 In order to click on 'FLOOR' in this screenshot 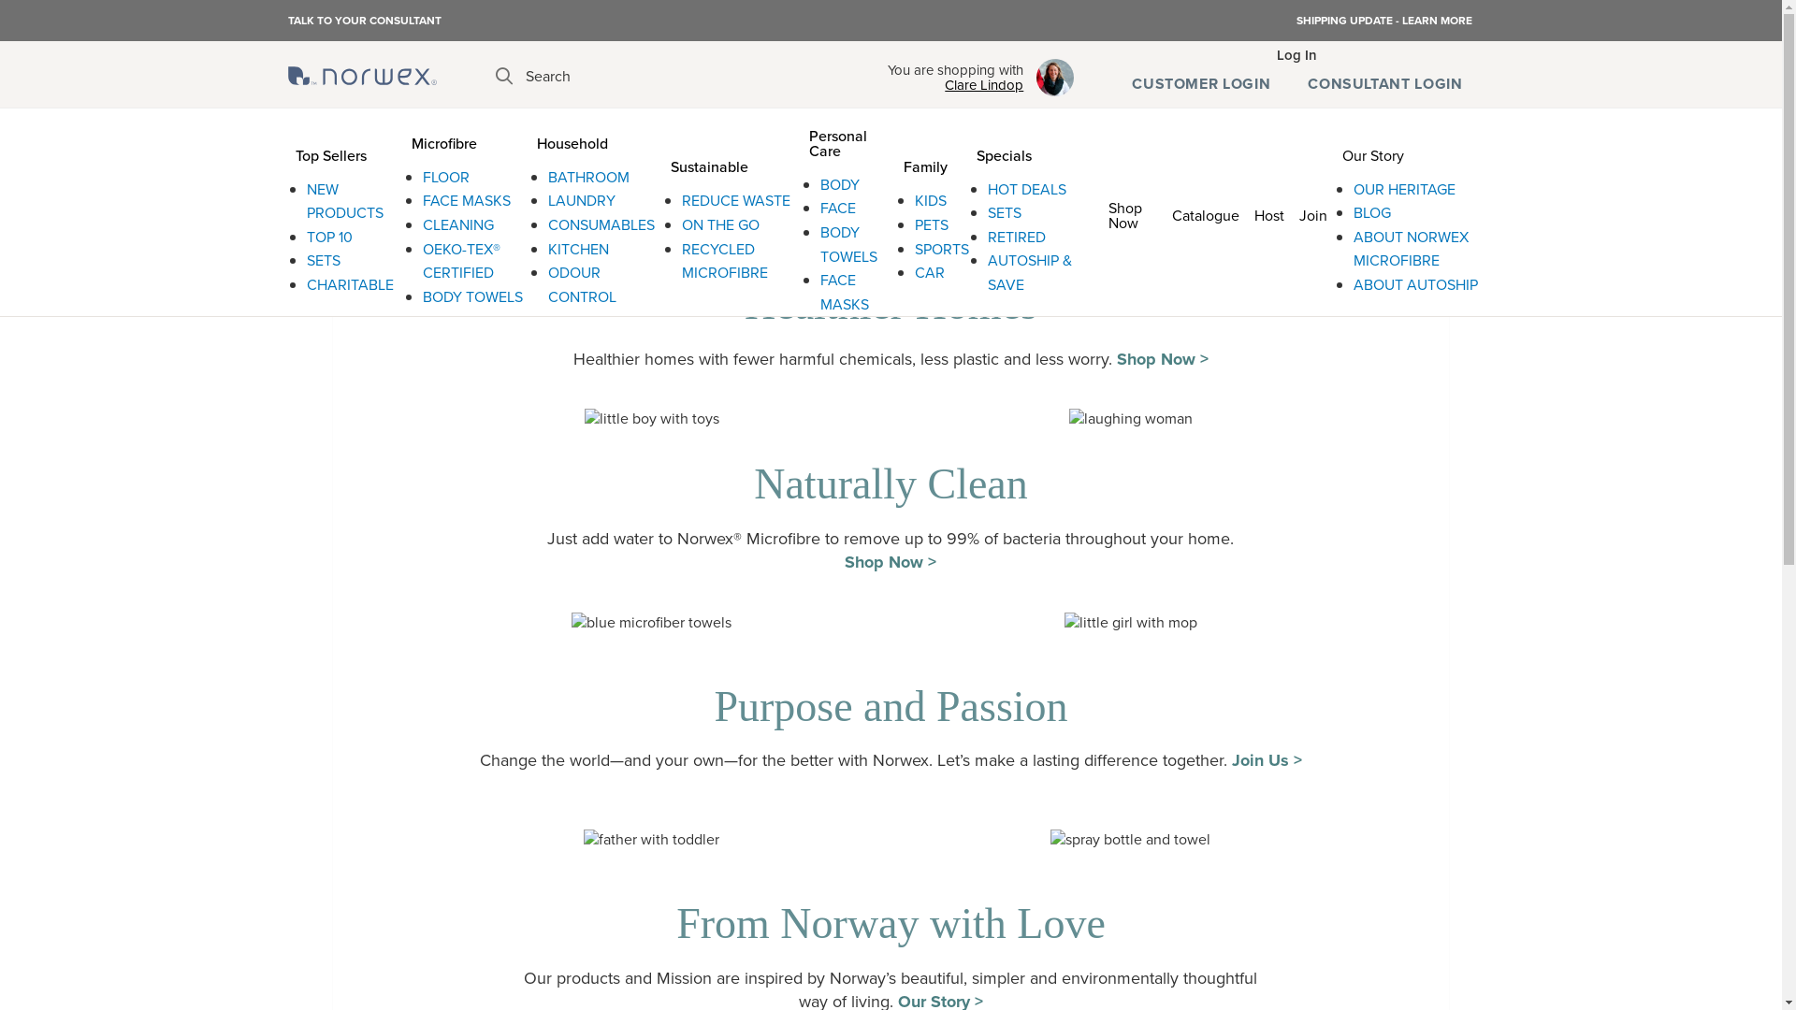, I will do `click(444, 177)`.